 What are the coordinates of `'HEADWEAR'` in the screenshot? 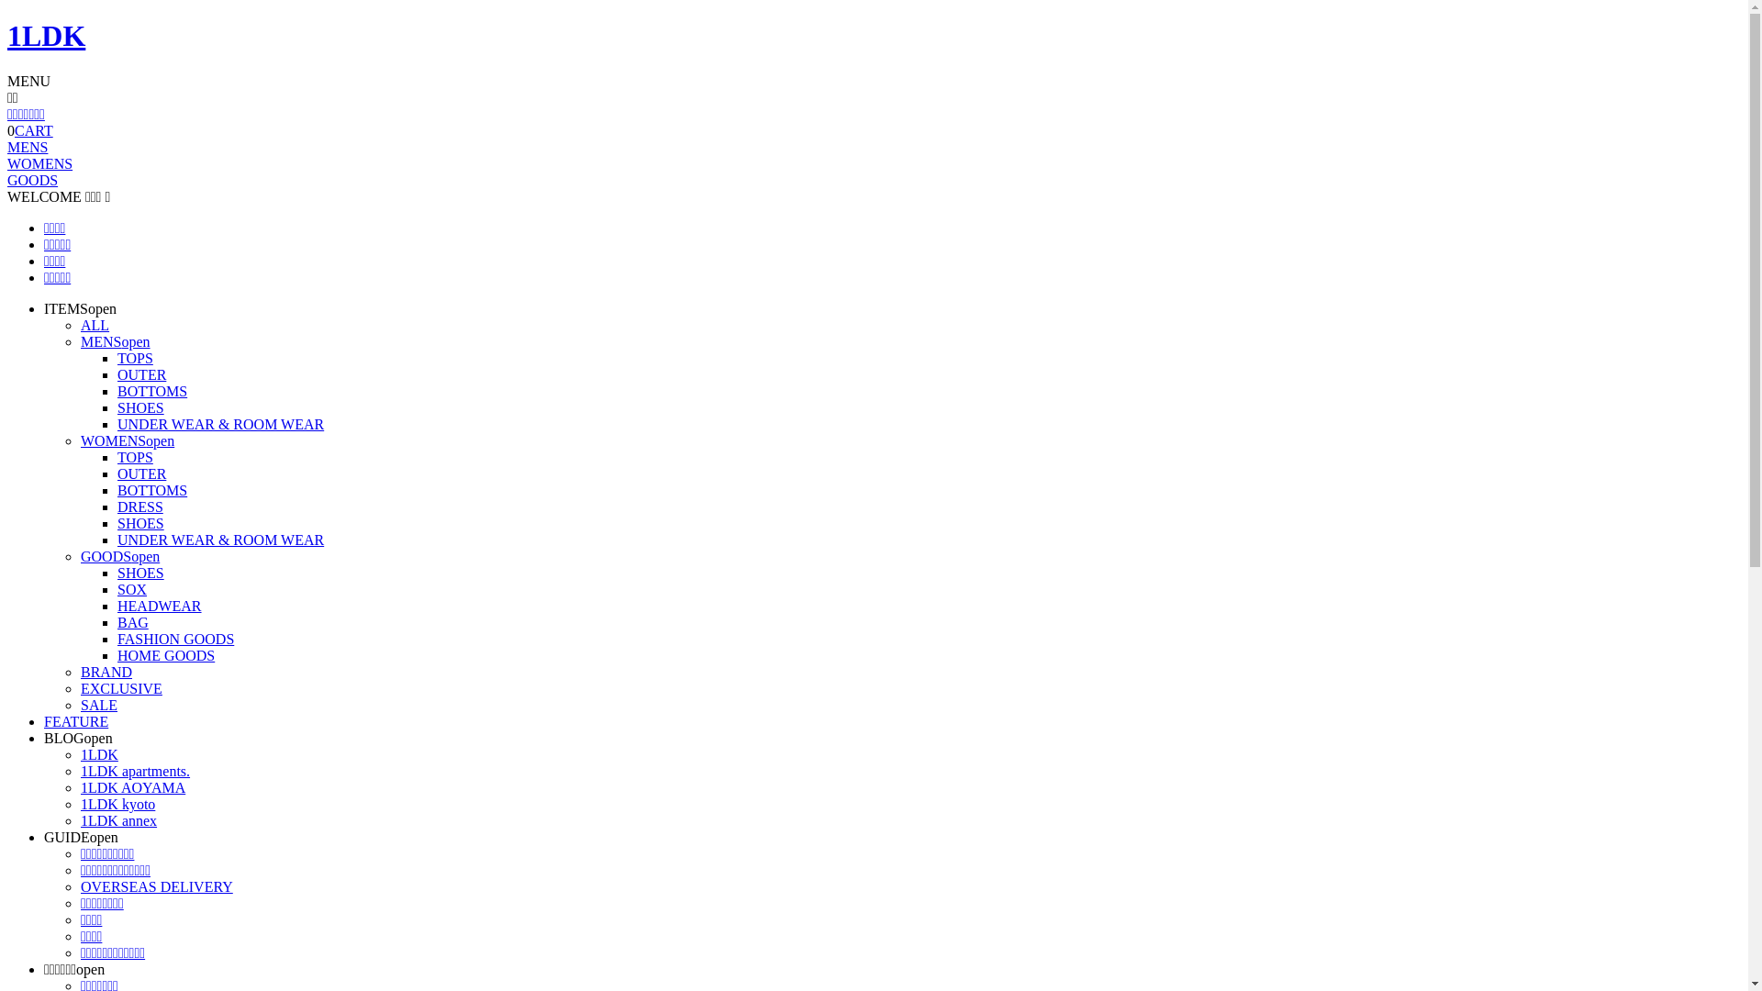 It's located at (159, 606).